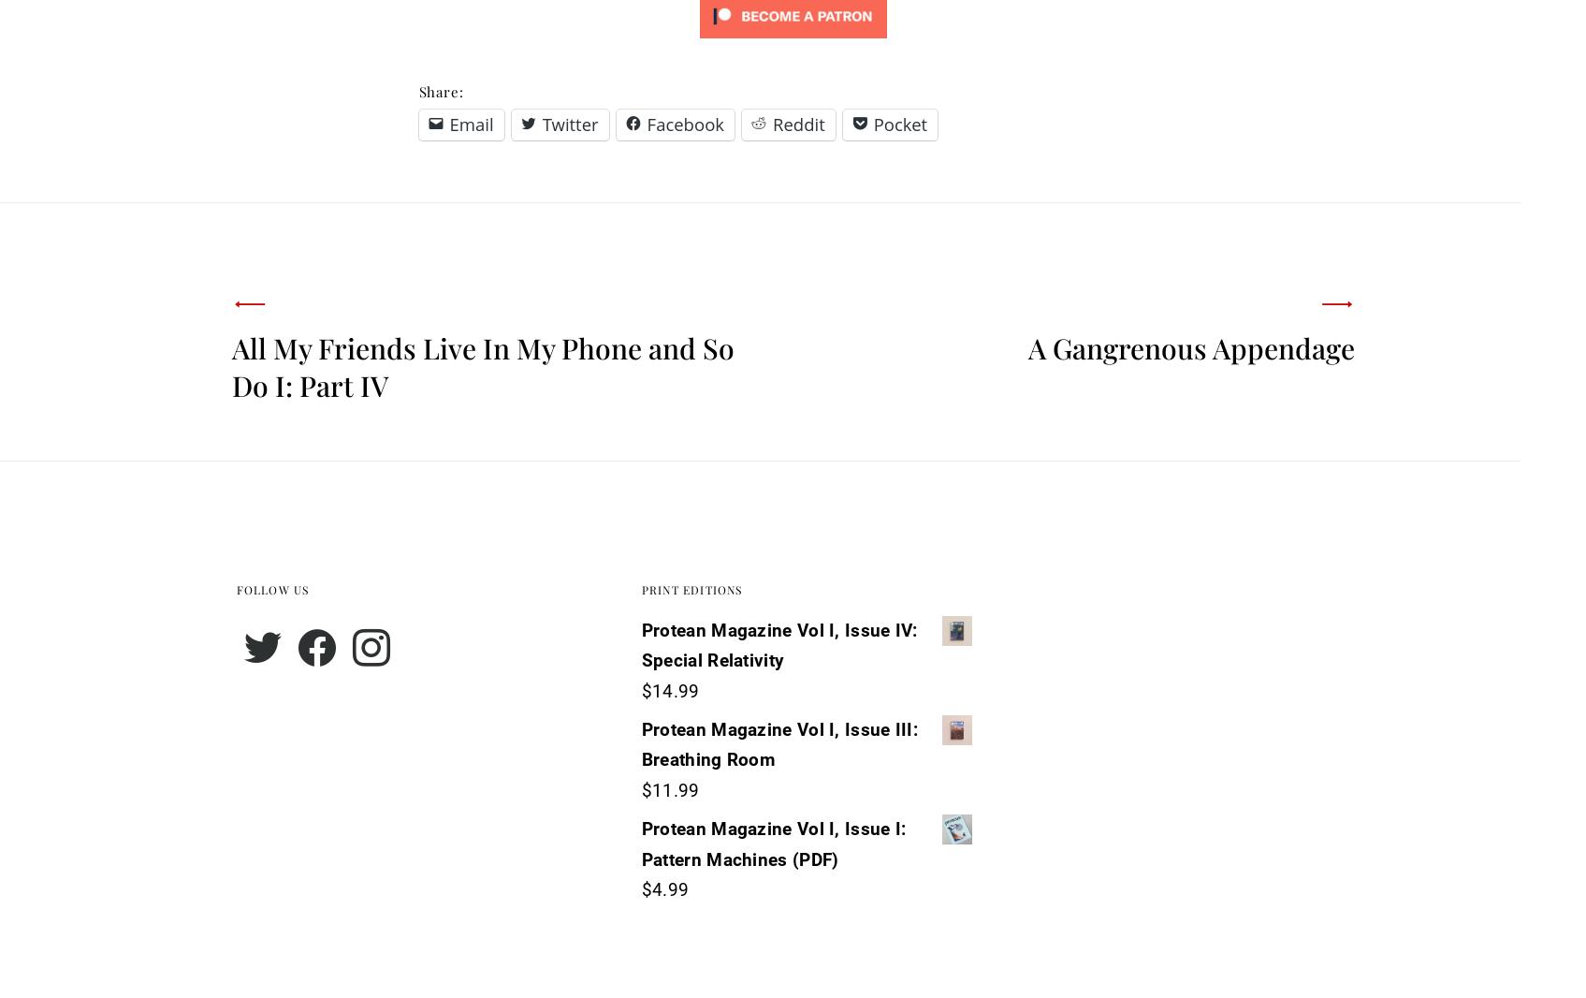 The height and width of the screenshot is (998, 1586). I want to click on 'Share:', so click(440, 90).